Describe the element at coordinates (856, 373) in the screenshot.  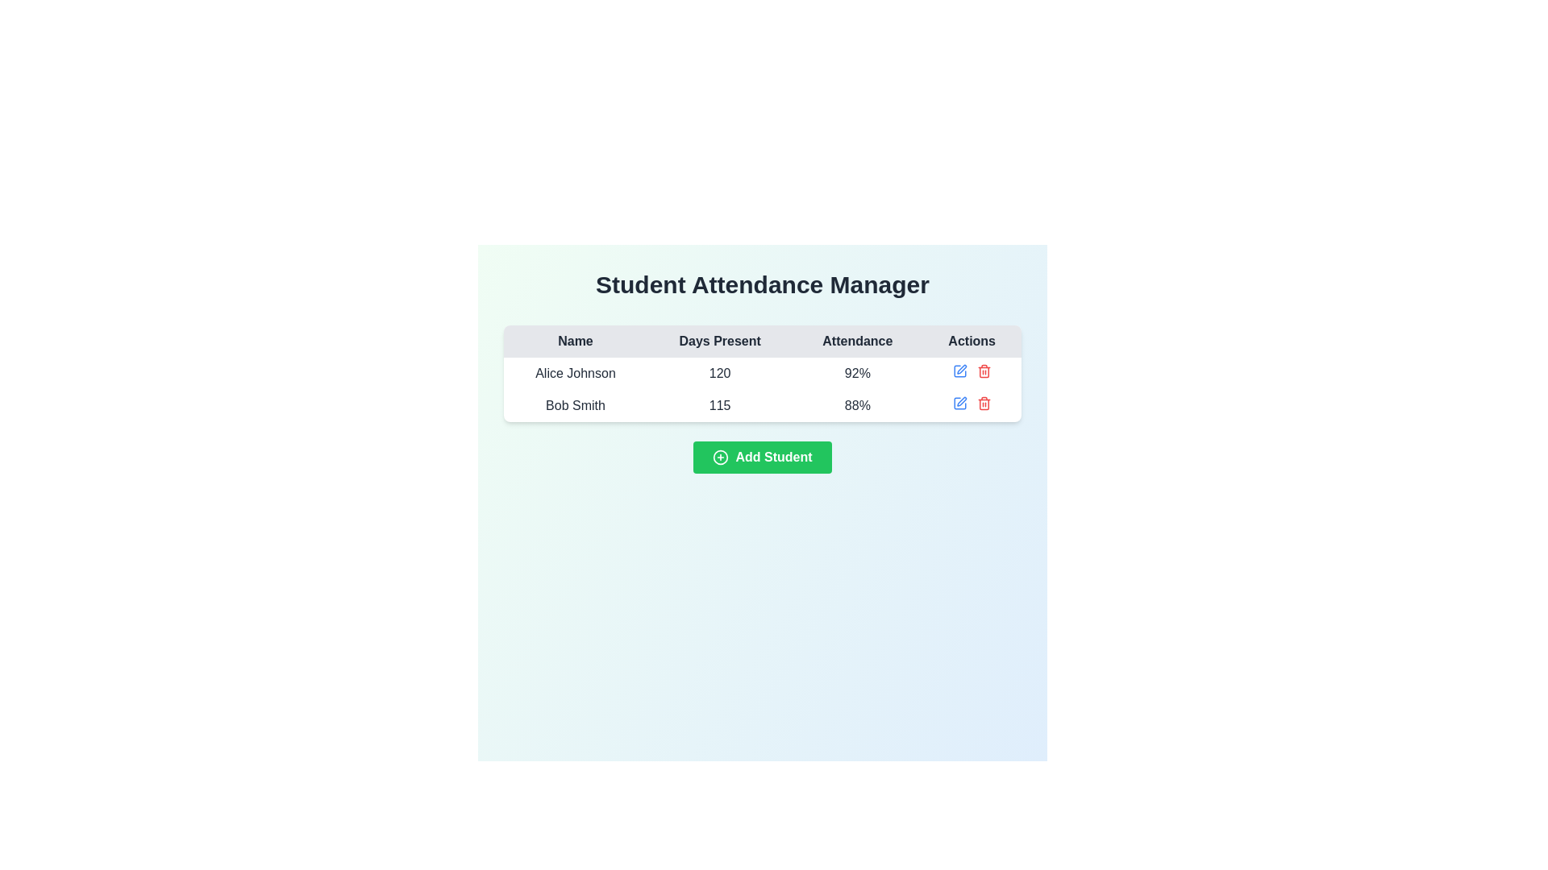
I see `the attendance percentage display for Alice Johnson, which shows 92% in the Attendance row of the table` at that location.